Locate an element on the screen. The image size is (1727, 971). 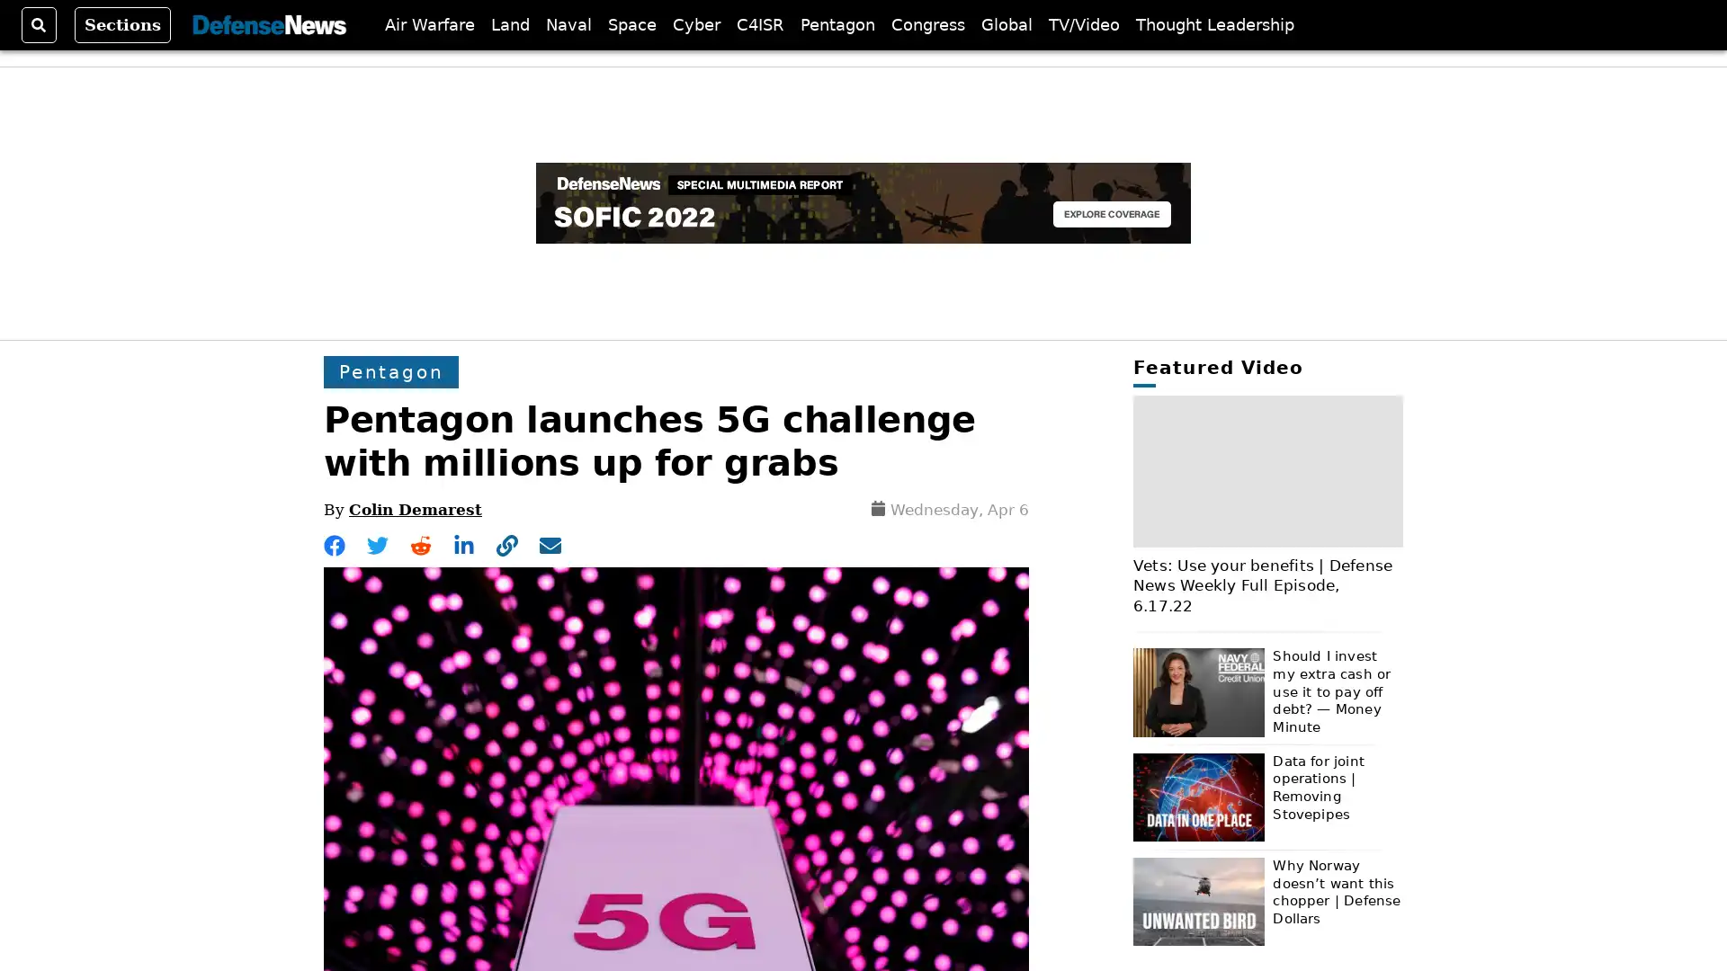
Play is located at coordinates (1267, 468).